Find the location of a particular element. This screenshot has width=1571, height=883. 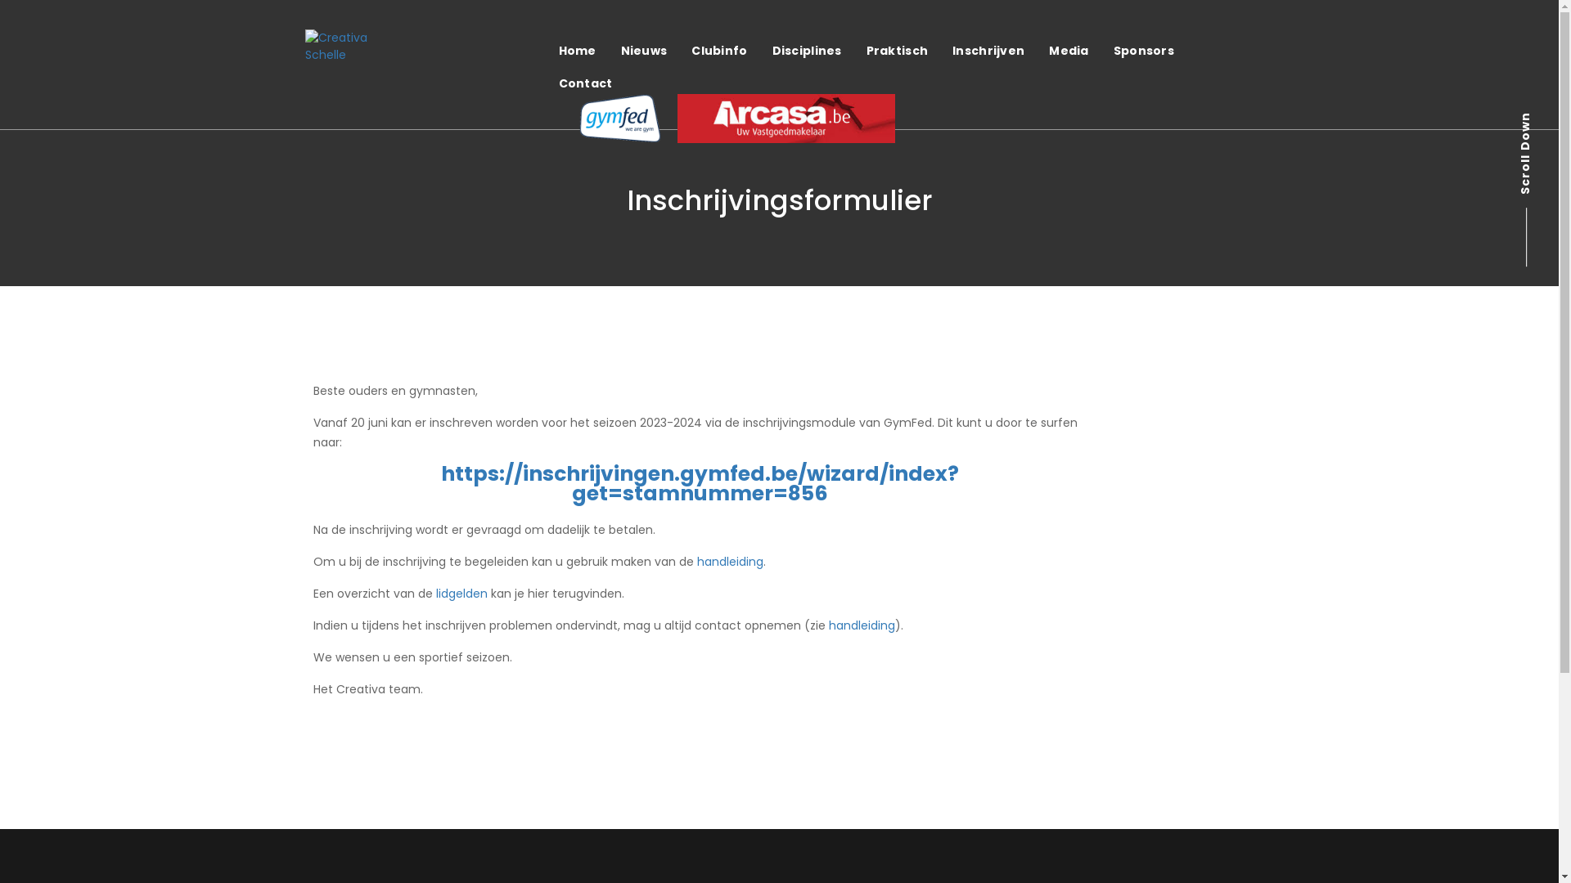

'Clubinfo' is located at coordinates (718, 49).